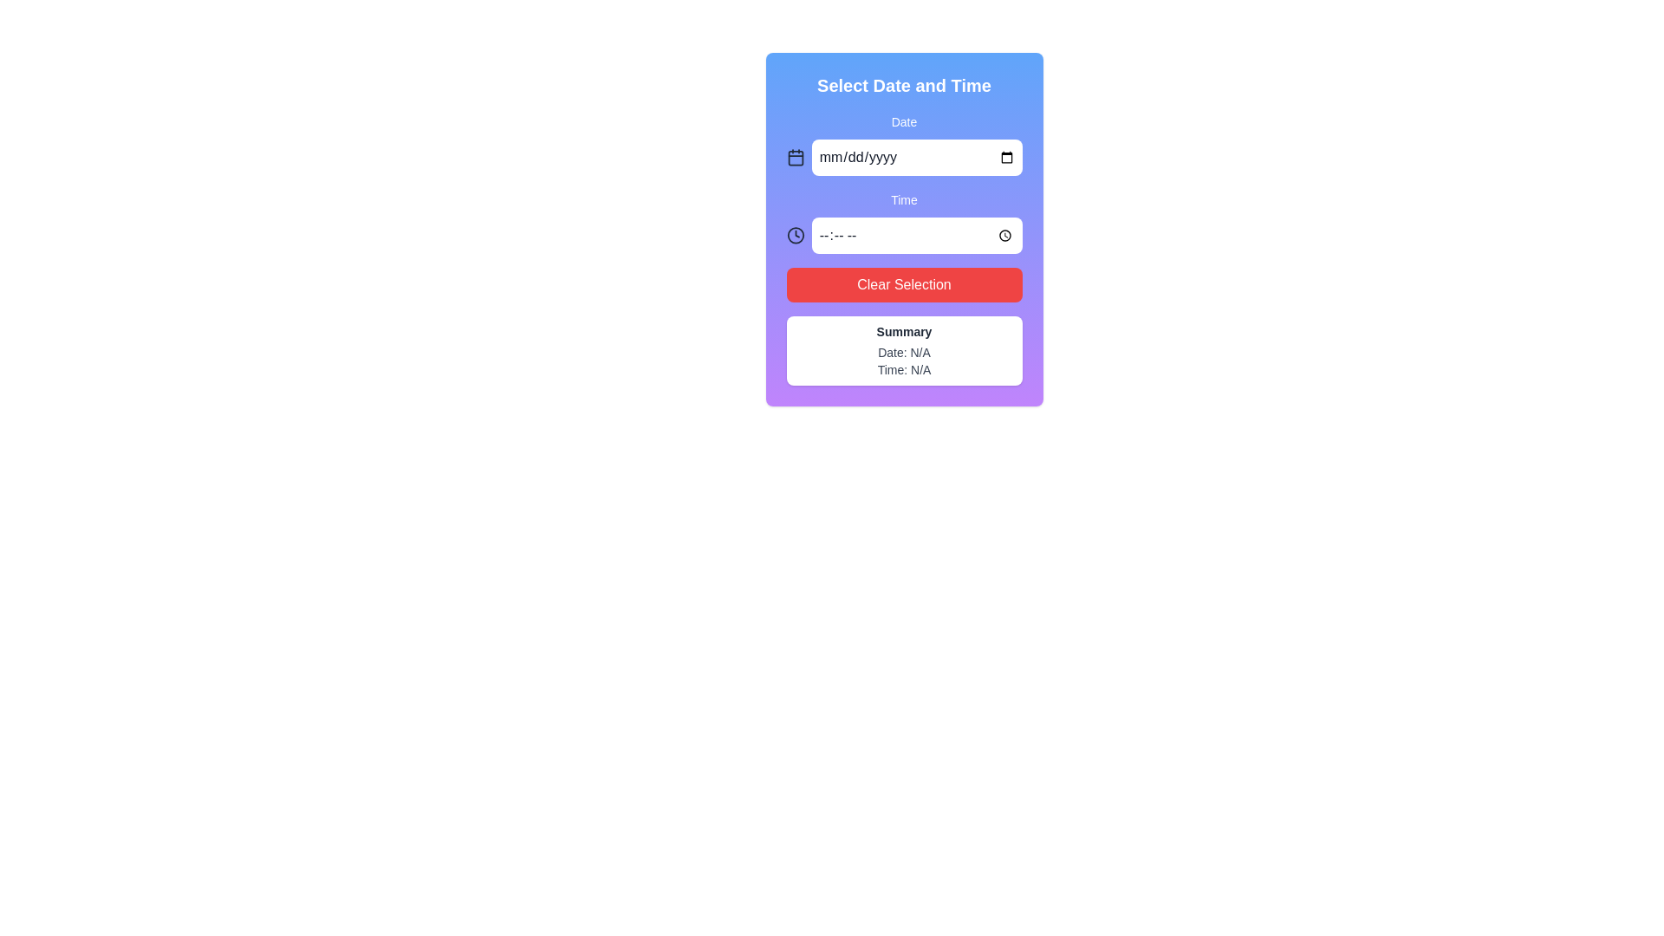 The width and height of the screenshot is (1664, 936). I want to click on the 'Clear Selection' button located in the Group component that contains a date picker, time picker, and summary displays, positioned below the title 'Select Date and Time', so click(903, 248).